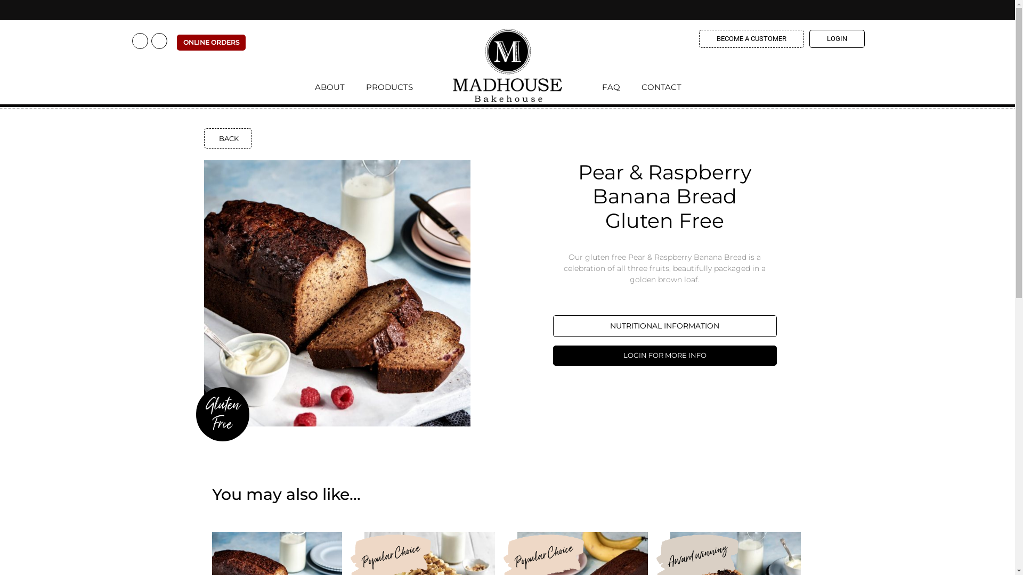 The image size is (1023, 575). What do you see at coordinates (664, 355) in the screenshot?
I see `'LOGIN FOR MORE INFO'` at bounding box center [664, 355].